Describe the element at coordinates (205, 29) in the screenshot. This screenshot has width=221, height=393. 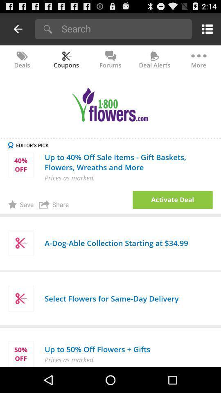
I see `menu options` at that location.